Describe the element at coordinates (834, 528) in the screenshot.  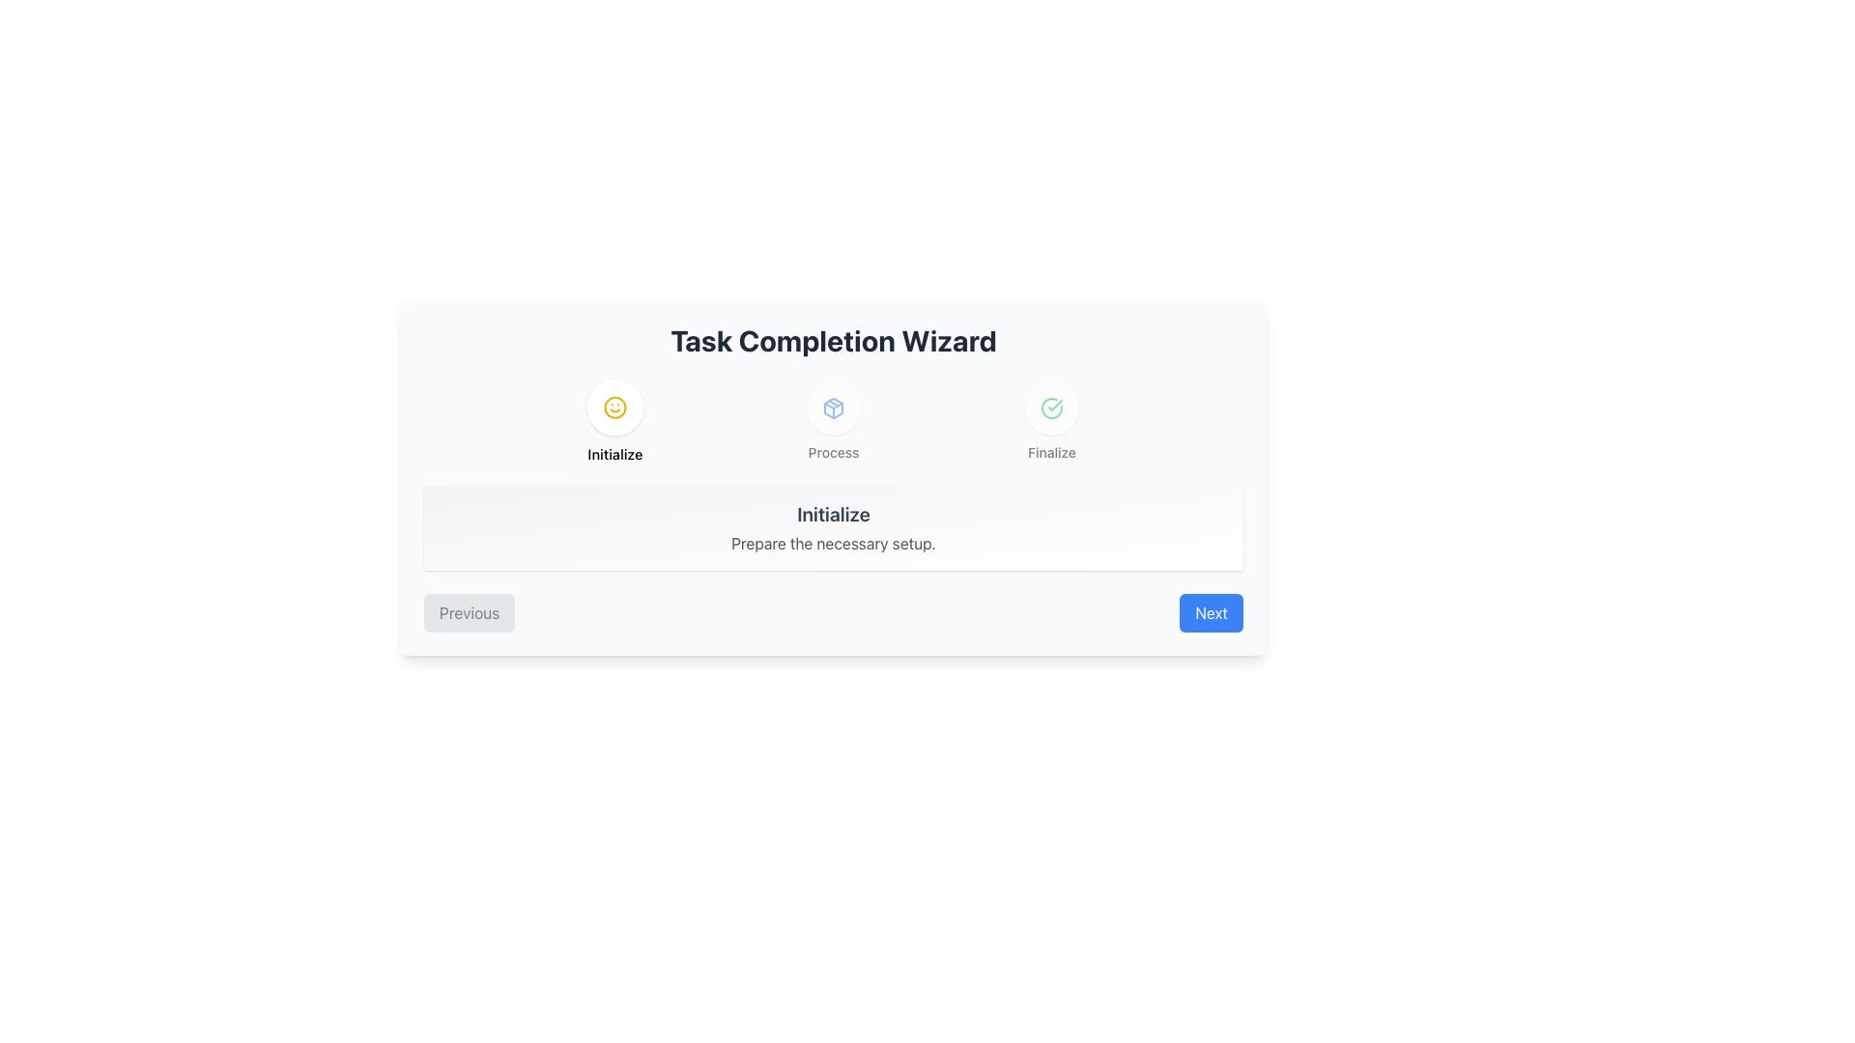
I see `the Informative Section element that displays the title 'Initialize' and the subtitle 'Prepare the necessary setup.'` at that location.